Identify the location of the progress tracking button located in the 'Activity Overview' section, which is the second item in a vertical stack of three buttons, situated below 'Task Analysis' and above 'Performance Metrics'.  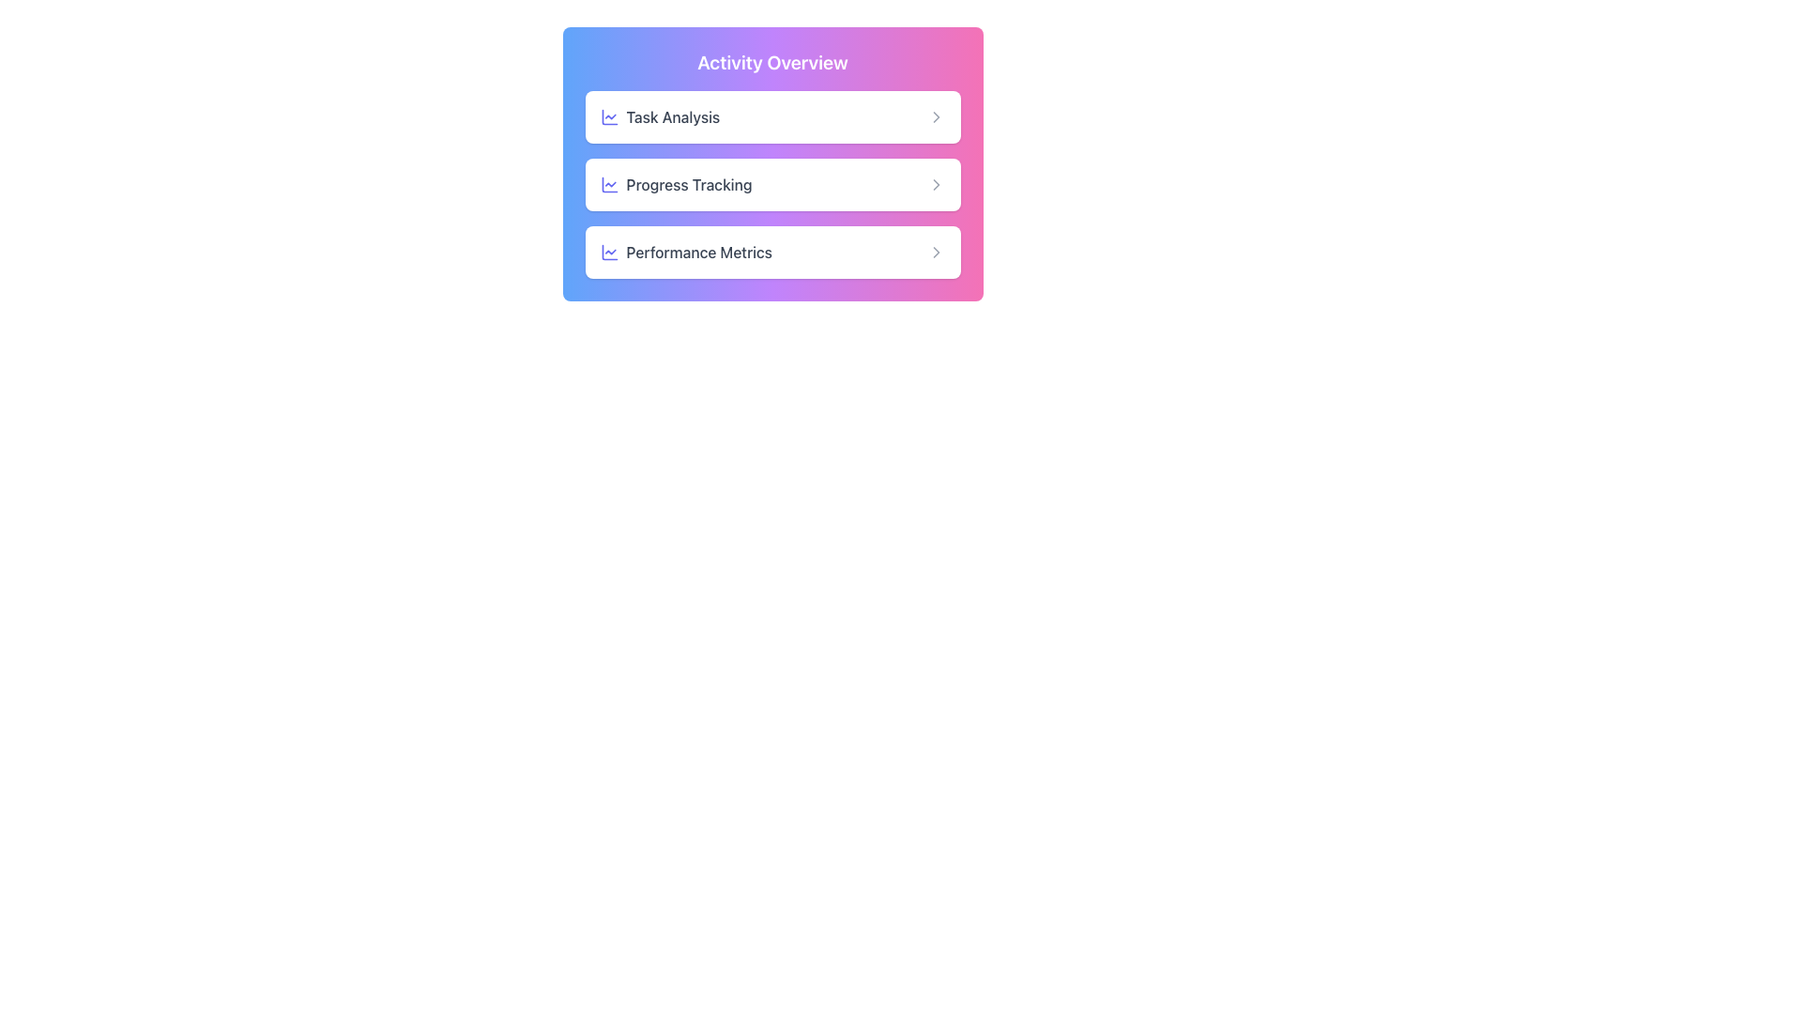
(772, 184).